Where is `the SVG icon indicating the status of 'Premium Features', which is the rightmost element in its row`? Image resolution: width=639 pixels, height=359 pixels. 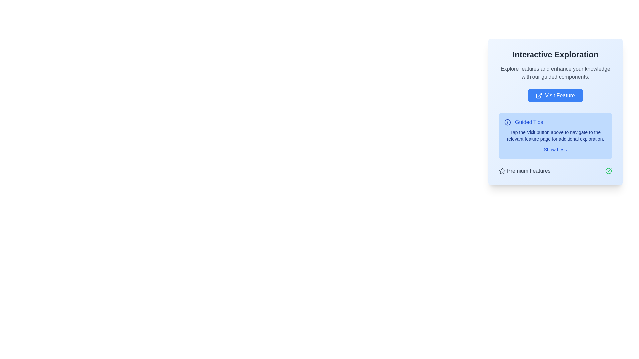
the SVG icon indicating the status of 'Premium Features', which is the rightmost element in its row is located at coordinates (608, 170).